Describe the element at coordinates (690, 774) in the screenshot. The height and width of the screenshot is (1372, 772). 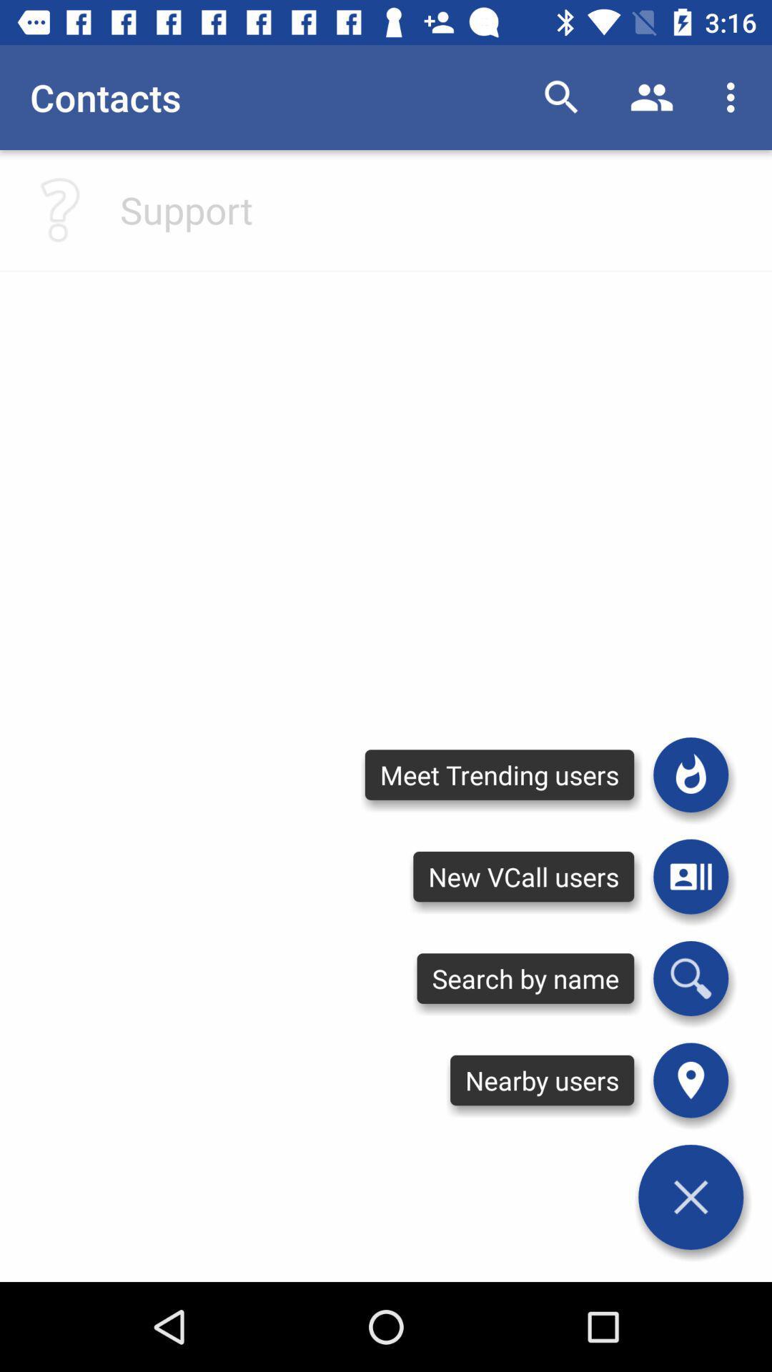
I see `the icon next to the meet trending users item` at that location.